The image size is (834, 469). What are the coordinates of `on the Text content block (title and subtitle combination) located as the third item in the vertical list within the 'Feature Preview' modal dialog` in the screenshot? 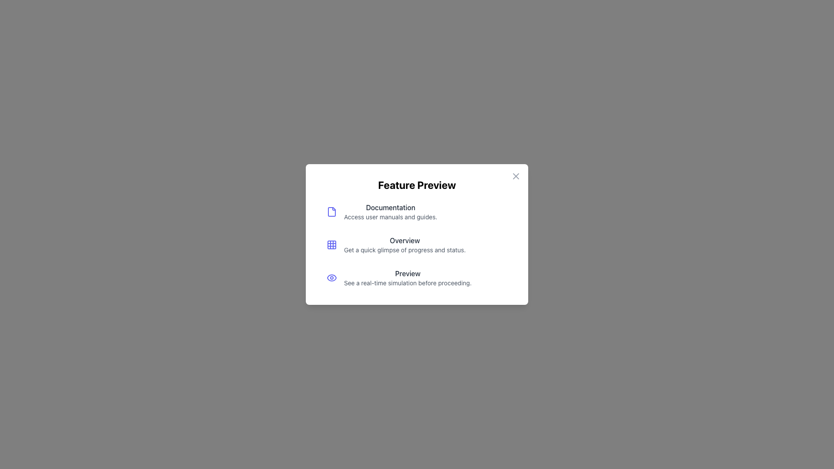 It's located at (407, 278).